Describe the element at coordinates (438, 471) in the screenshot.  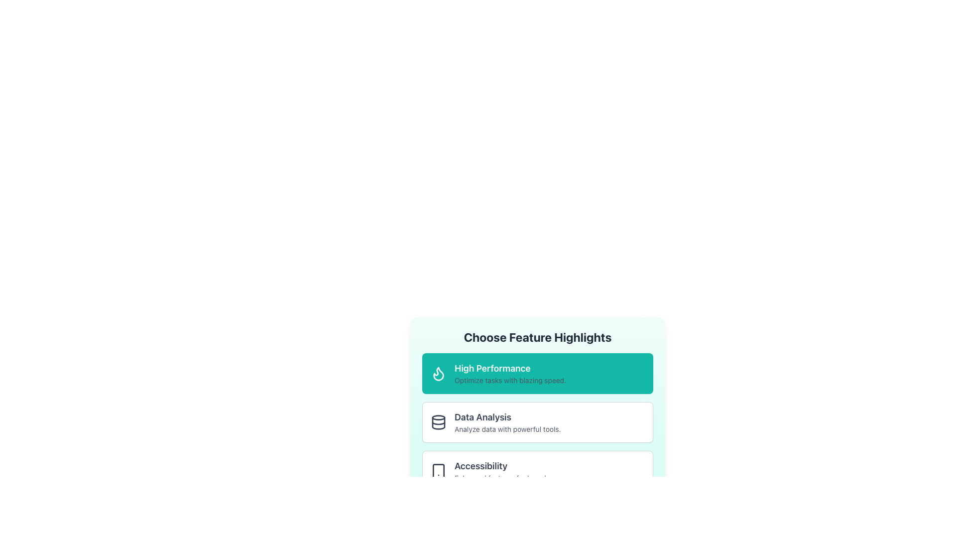
I see `the tablet icon located in the bottom-left area of the 'Accessibility' section, which visually represents tablet-related functionality` at that location.